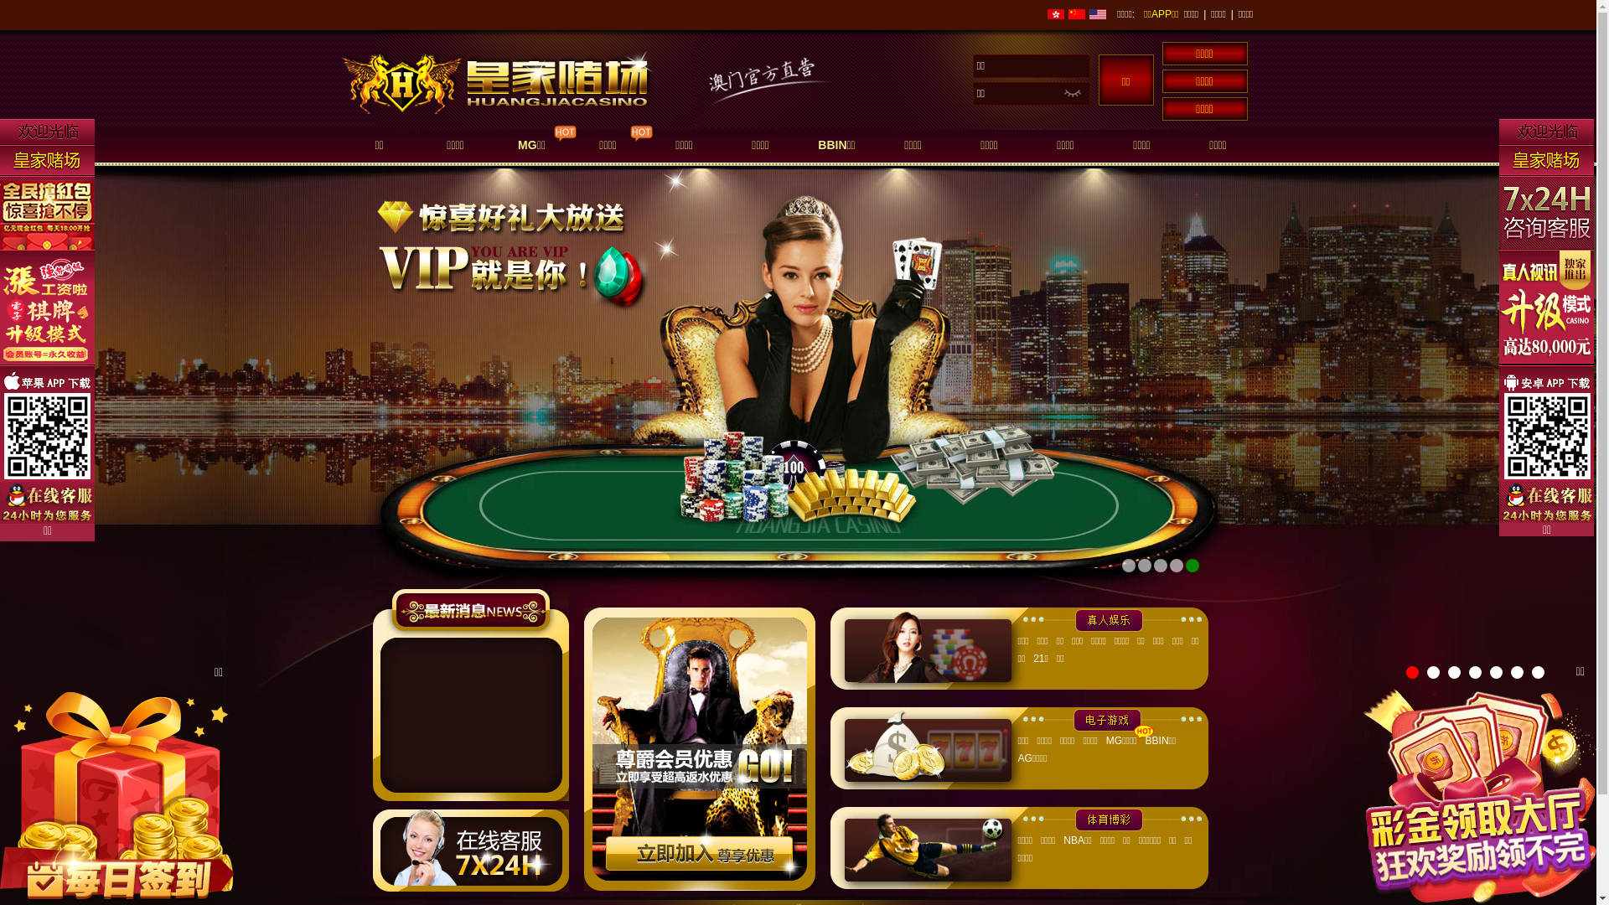  What do you see at coordinates (1517, 671) in the screenshot?
I see `'6'` at bounding box center [1517, 671].